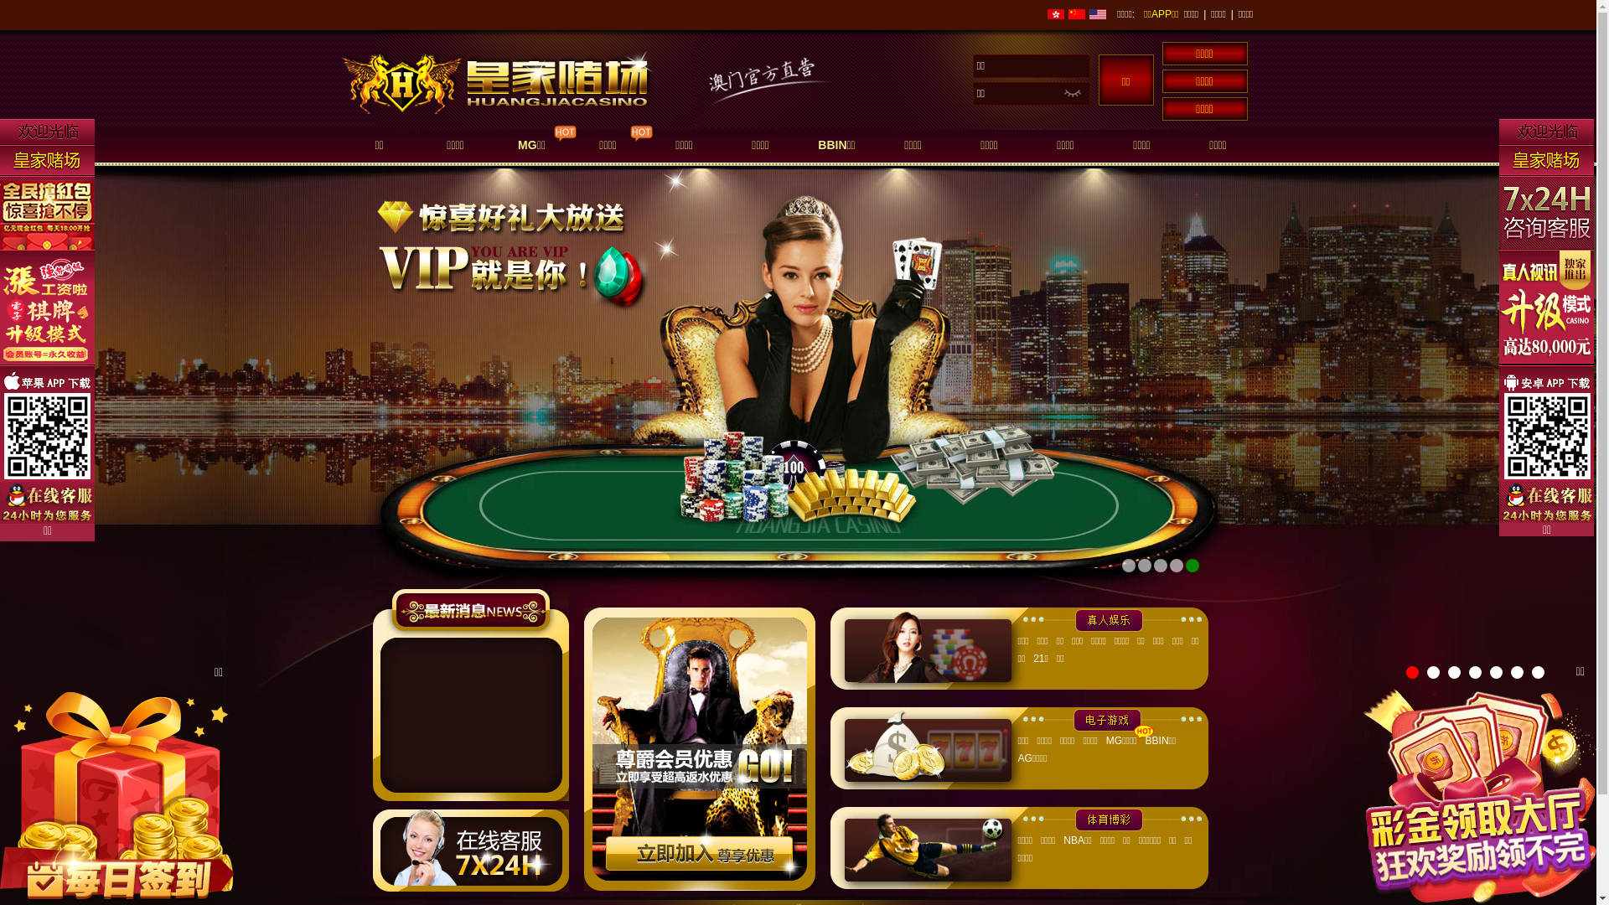  What do you see at coordinates (1517, 671) in the screenshot?
I see `'6'` at bounding box center [1517, 671].